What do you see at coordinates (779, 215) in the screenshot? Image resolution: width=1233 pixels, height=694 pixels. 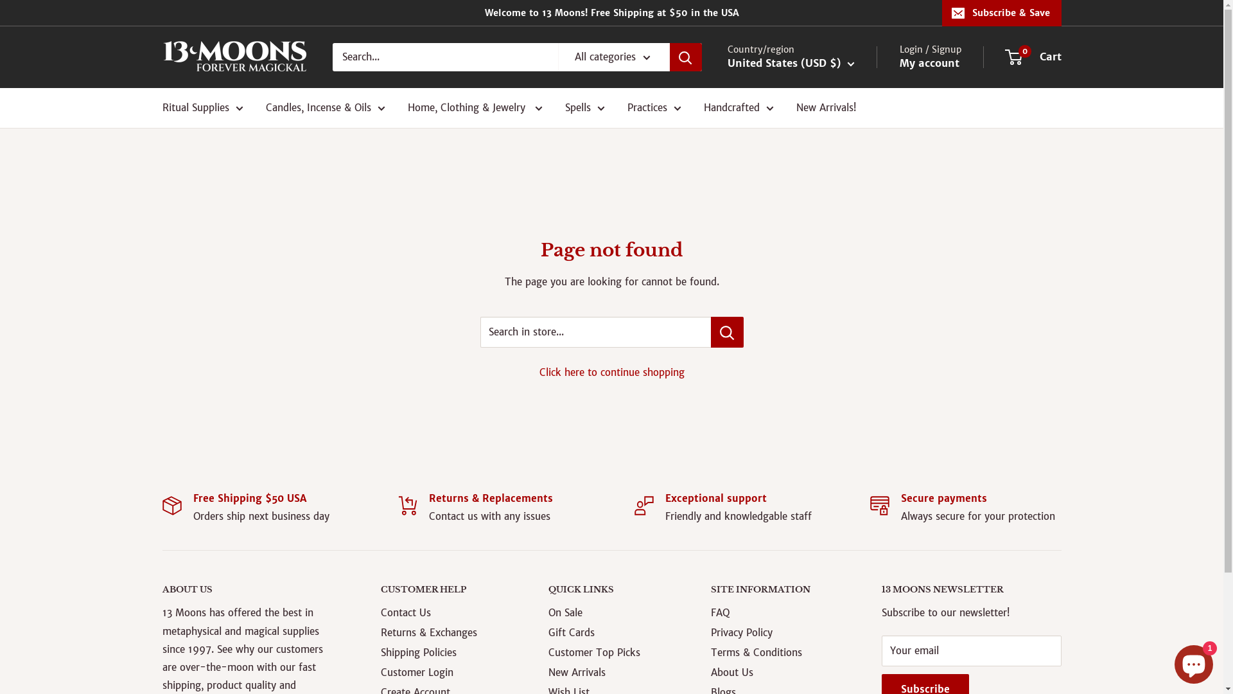 I see `'FR'` at bounding box center [779, 215].